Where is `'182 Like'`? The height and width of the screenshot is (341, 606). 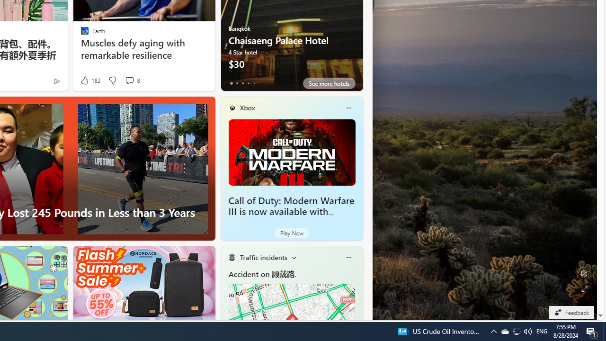
'182 Like' is located at coordinates (90, 80).